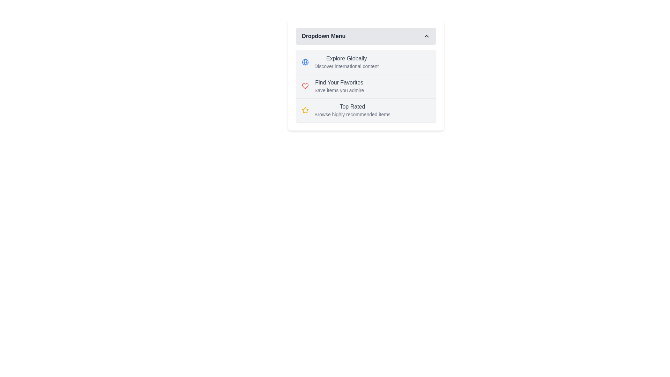  What do you see at coordinates (366, 75) in the screenshot?
I see `the item within the List card labeled 'Dropdown Menu'` at bounding box center [366, 75].